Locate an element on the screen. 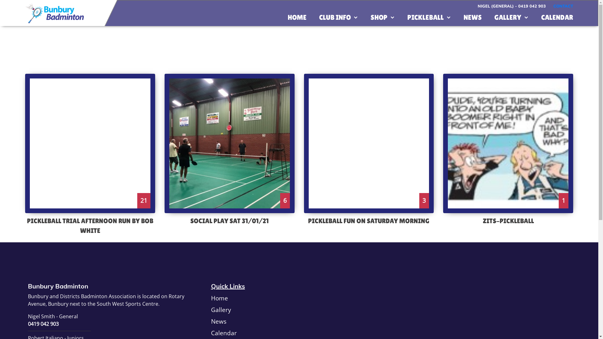 This screenshot has width=603, height=339. 'PICKLEBALL' is located at coordinates (429, 17).